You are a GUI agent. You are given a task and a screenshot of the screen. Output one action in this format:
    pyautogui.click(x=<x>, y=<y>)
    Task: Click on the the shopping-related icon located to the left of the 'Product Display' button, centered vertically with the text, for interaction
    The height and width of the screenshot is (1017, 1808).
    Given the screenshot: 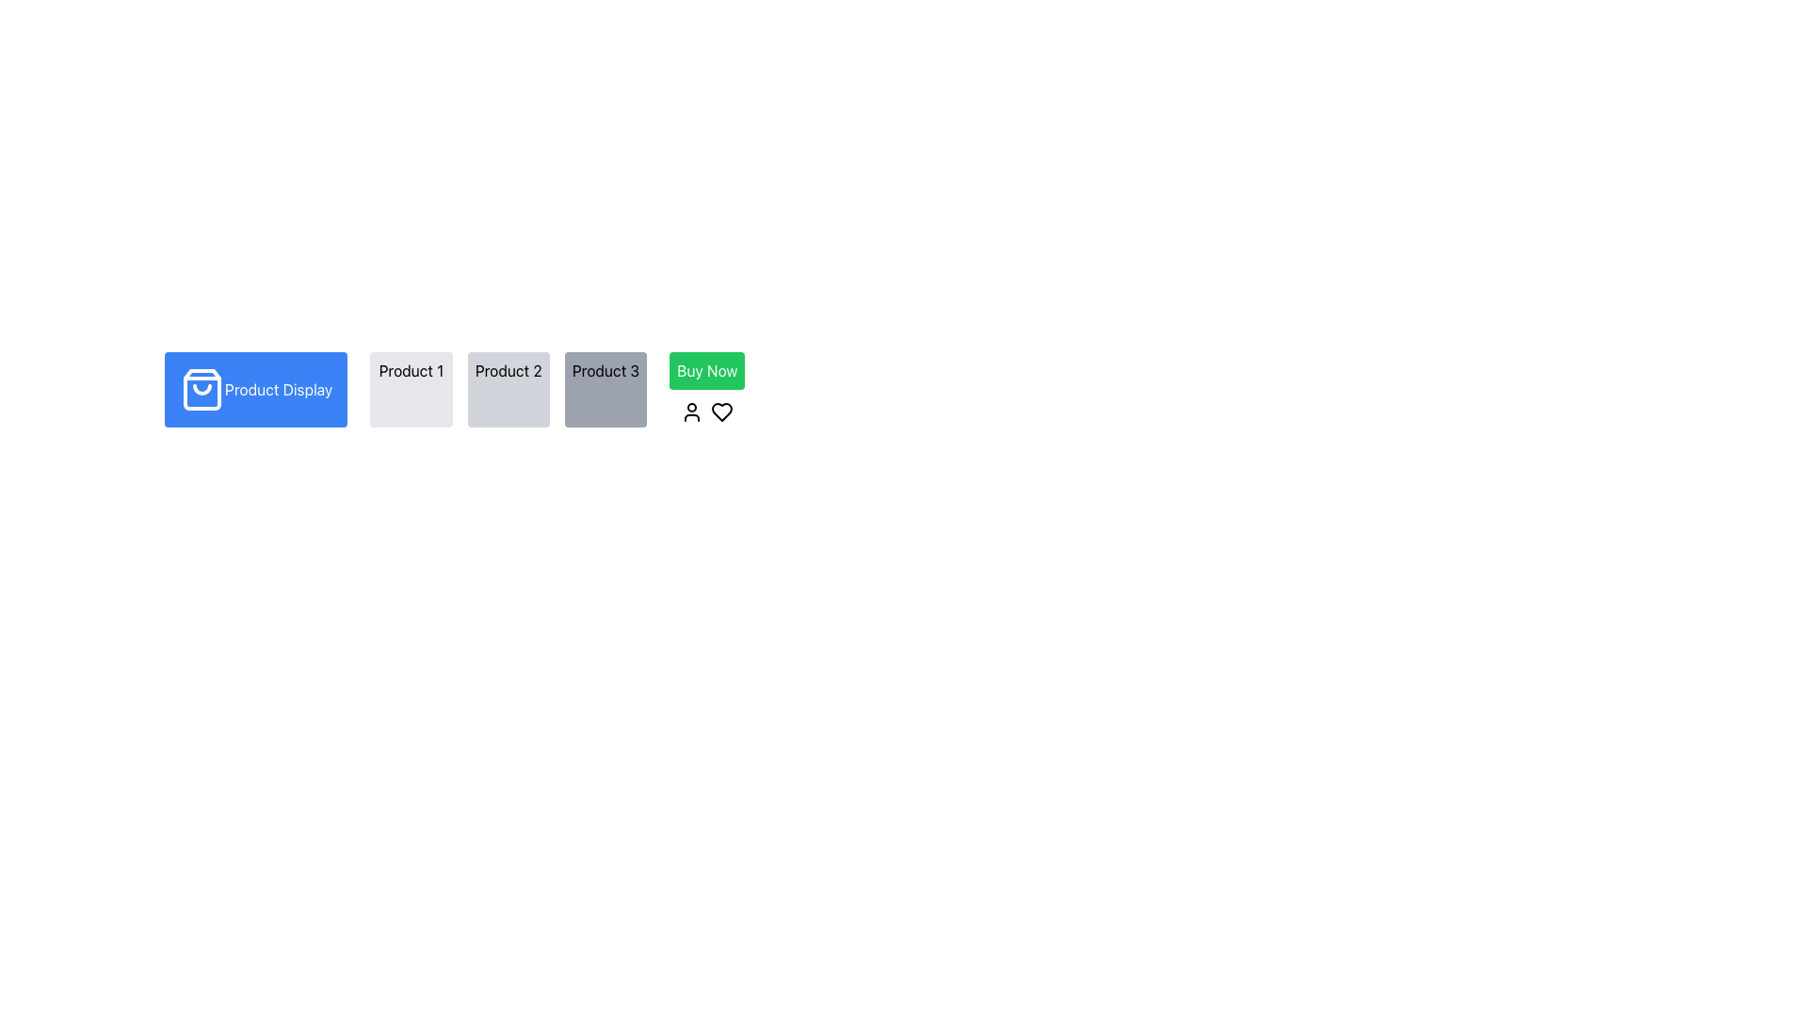 What is the action you would take?
    pyautogui.click(x=202, y=388)
    